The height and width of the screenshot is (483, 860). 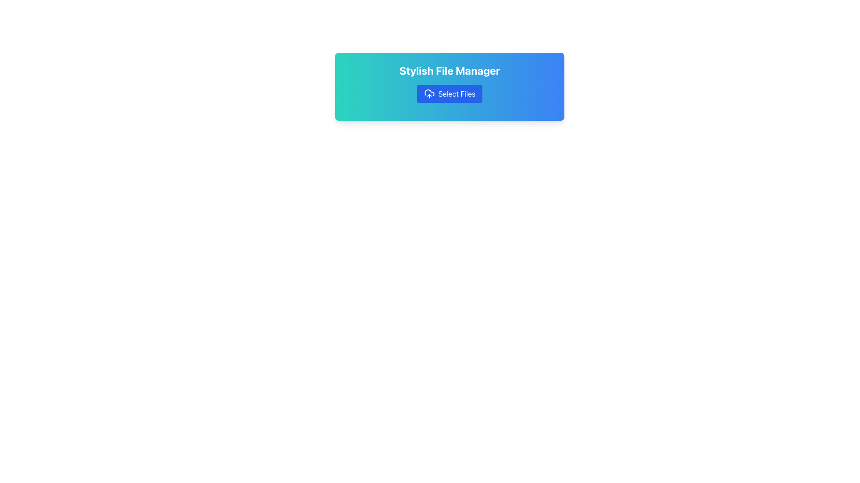 What do you see at coordinates (449, 93) in the screenshot?
I see `the blue button labeled 'Select Files' with a cloud icon to initiate file selection` at bounding box center [449, 93].